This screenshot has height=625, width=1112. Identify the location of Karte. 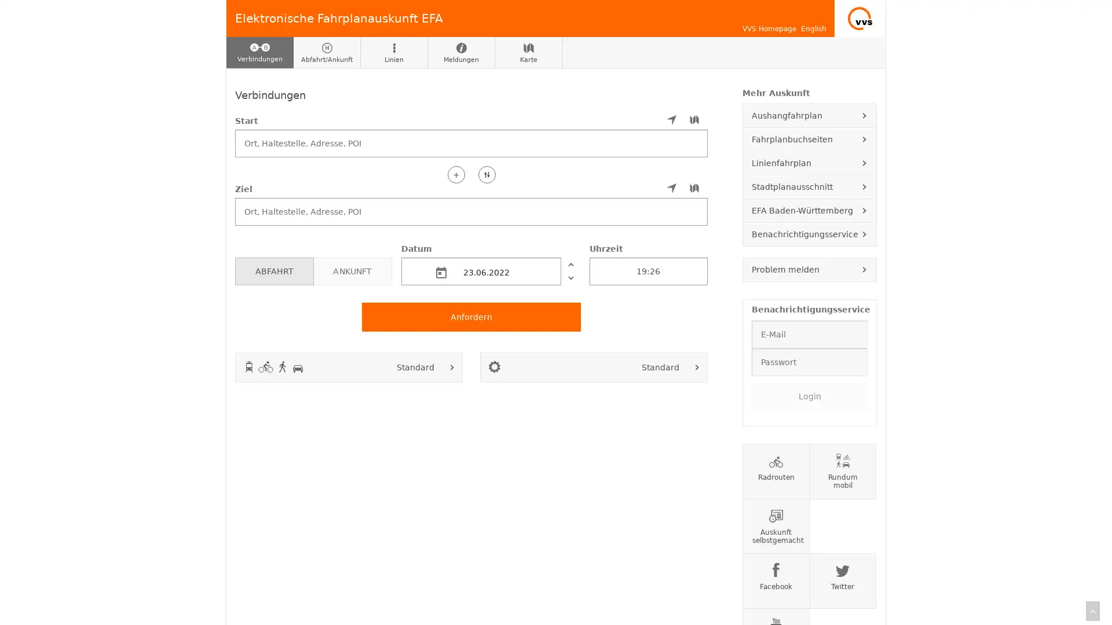
(528, 53).